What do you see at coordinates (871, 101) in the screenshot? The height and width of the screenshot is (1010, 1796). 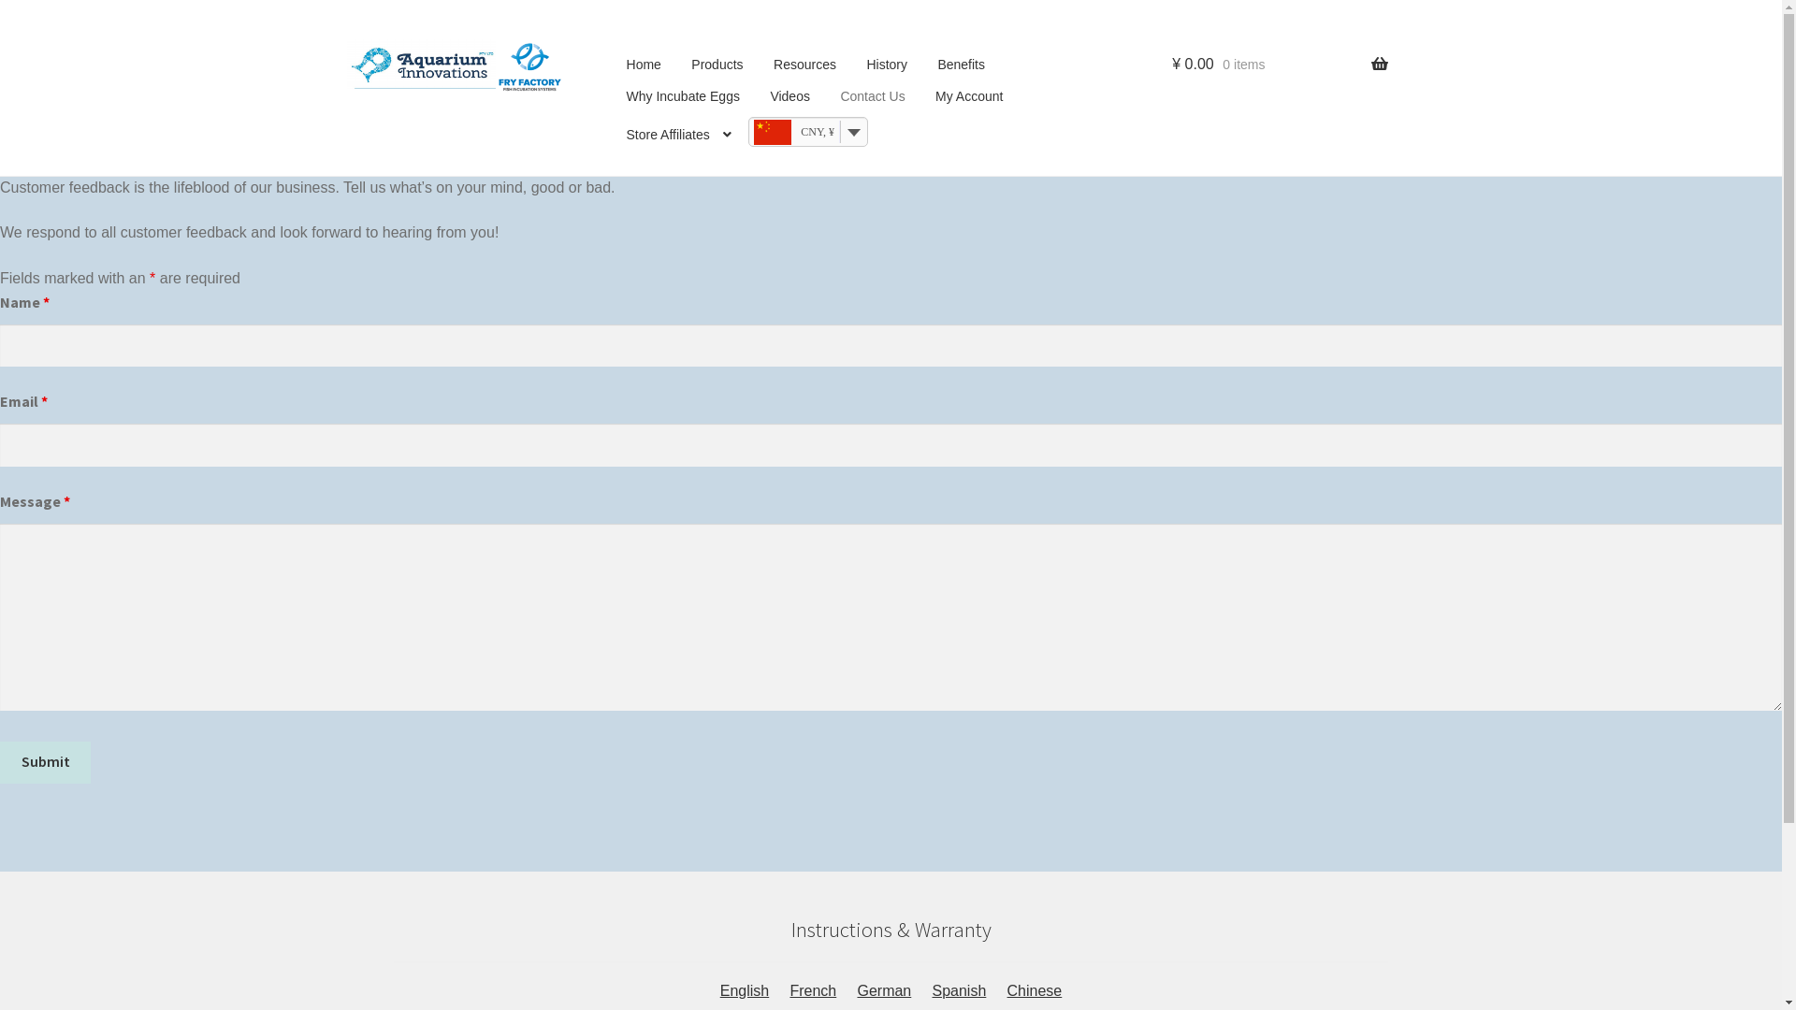 I see `'Contact Us'` at bounding box center [871, 101].